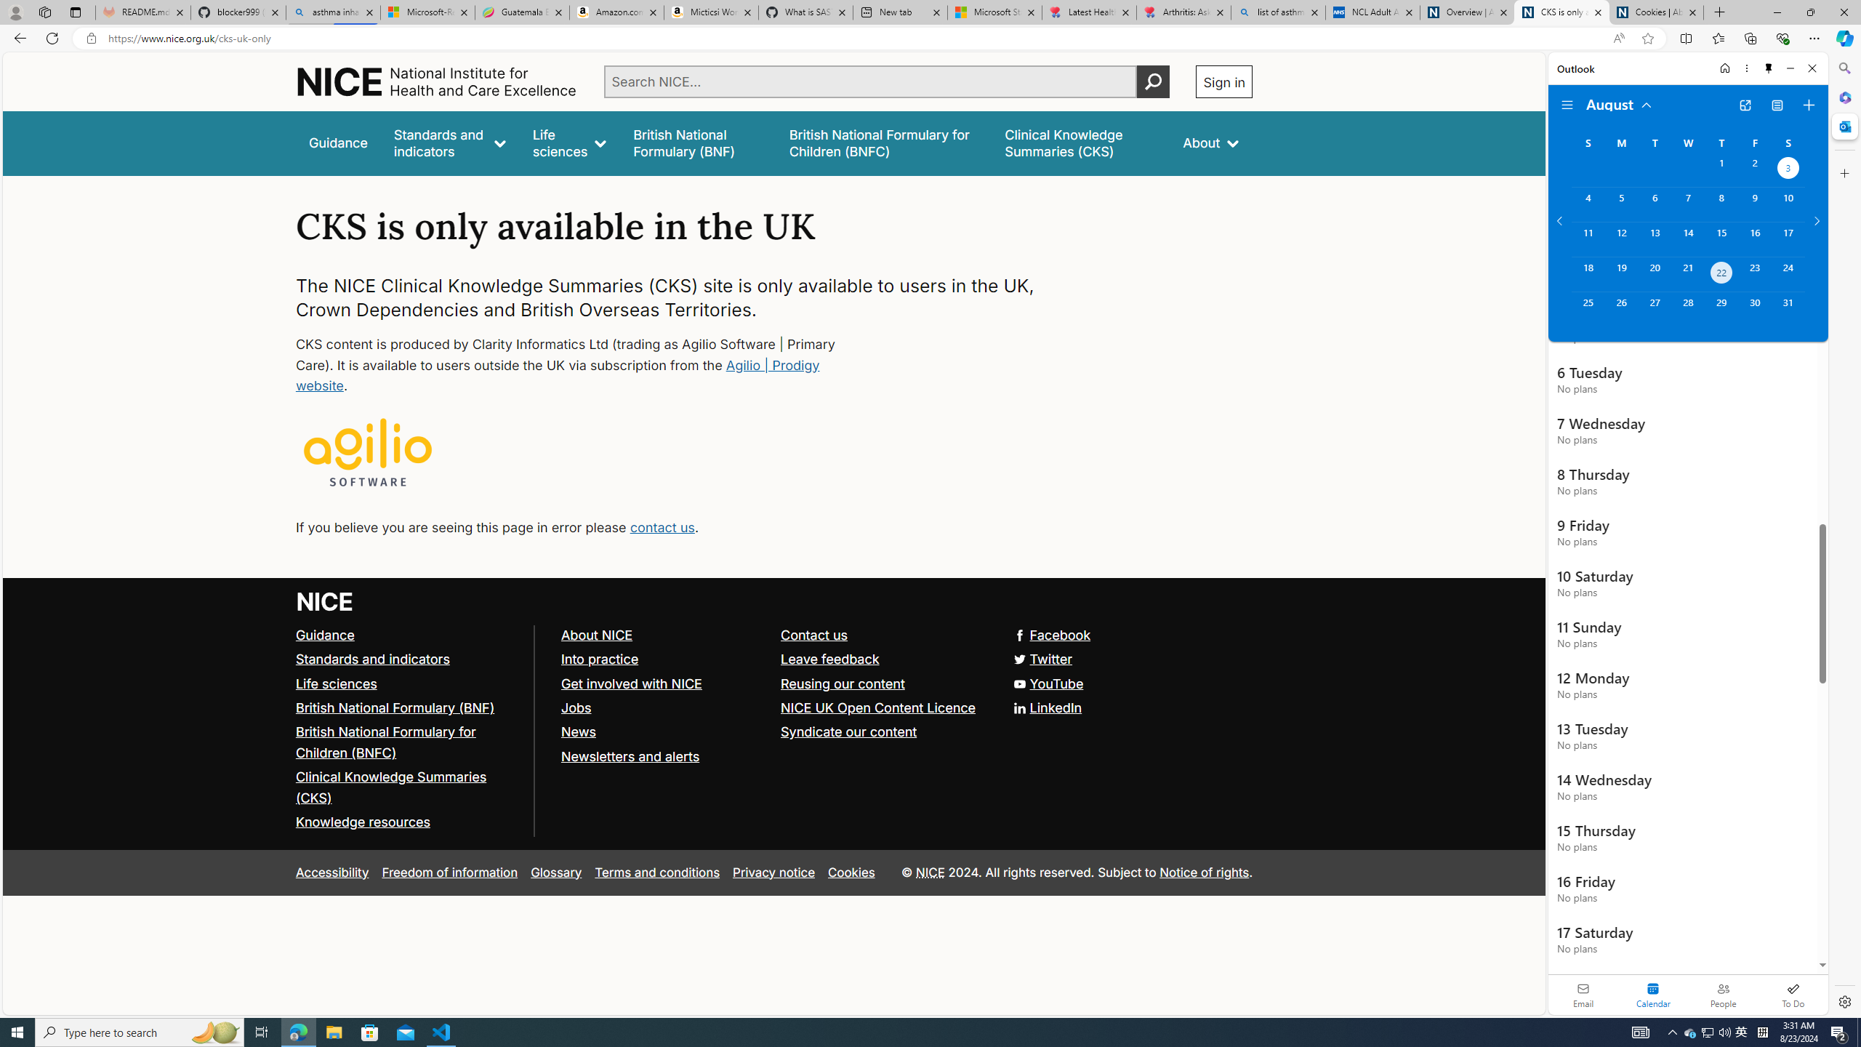  I want to click on 'Reusing our content', so click(884, 684).